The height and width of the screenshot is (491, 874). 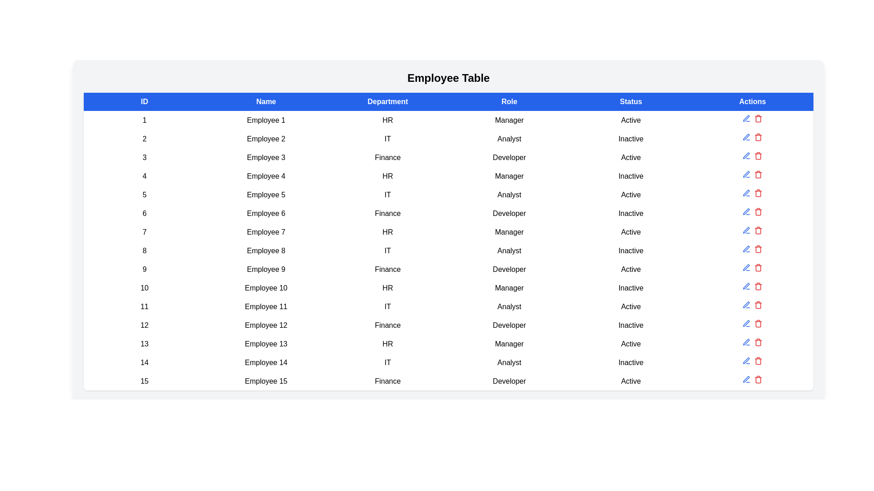 I want to click on the column header labeled 'Role' to sort the table rows by that column, so click(x=508, y=101).